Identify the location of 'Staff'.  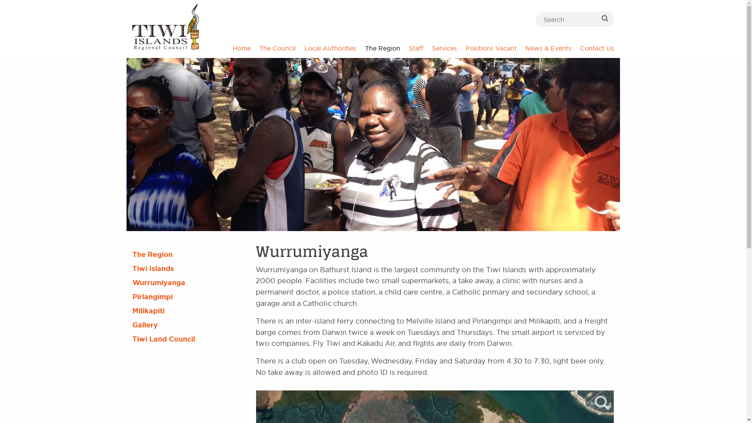
(415, 48).